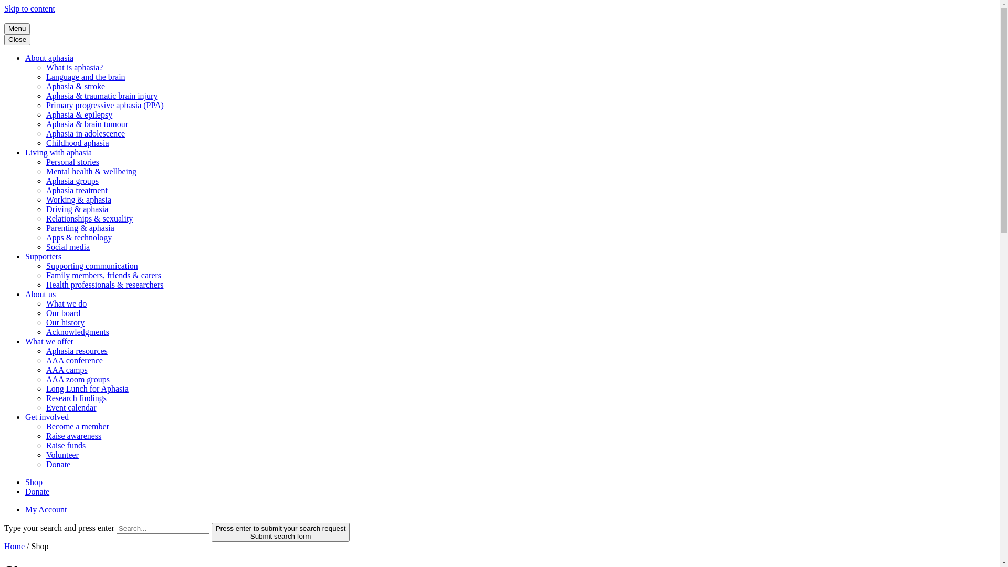 This screenshot has height=567, width=1008. I want to click on 'Event calendar', so click(70, 407).